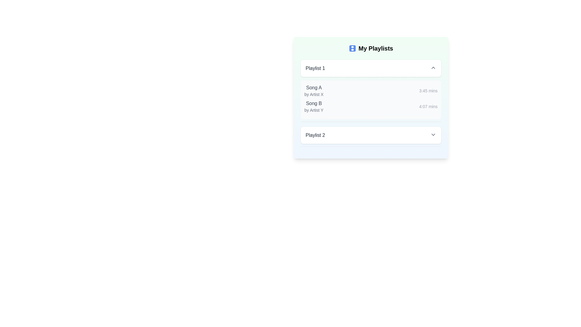  Describe the element at coordinates (314, 103) in the screenshot. I see `song title displayed as 'Song B' in bold medium gray font, positioned above 'by Artist Y' within the 'Playlist 1' grouping` at that location.